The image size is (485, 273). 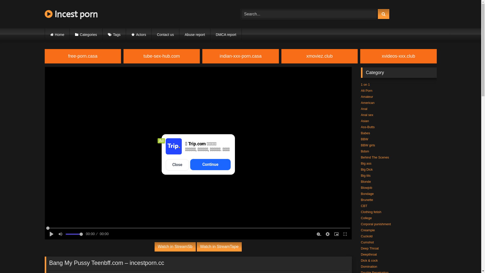 I want to click on 'Bondage', so click(x=360, y=193).